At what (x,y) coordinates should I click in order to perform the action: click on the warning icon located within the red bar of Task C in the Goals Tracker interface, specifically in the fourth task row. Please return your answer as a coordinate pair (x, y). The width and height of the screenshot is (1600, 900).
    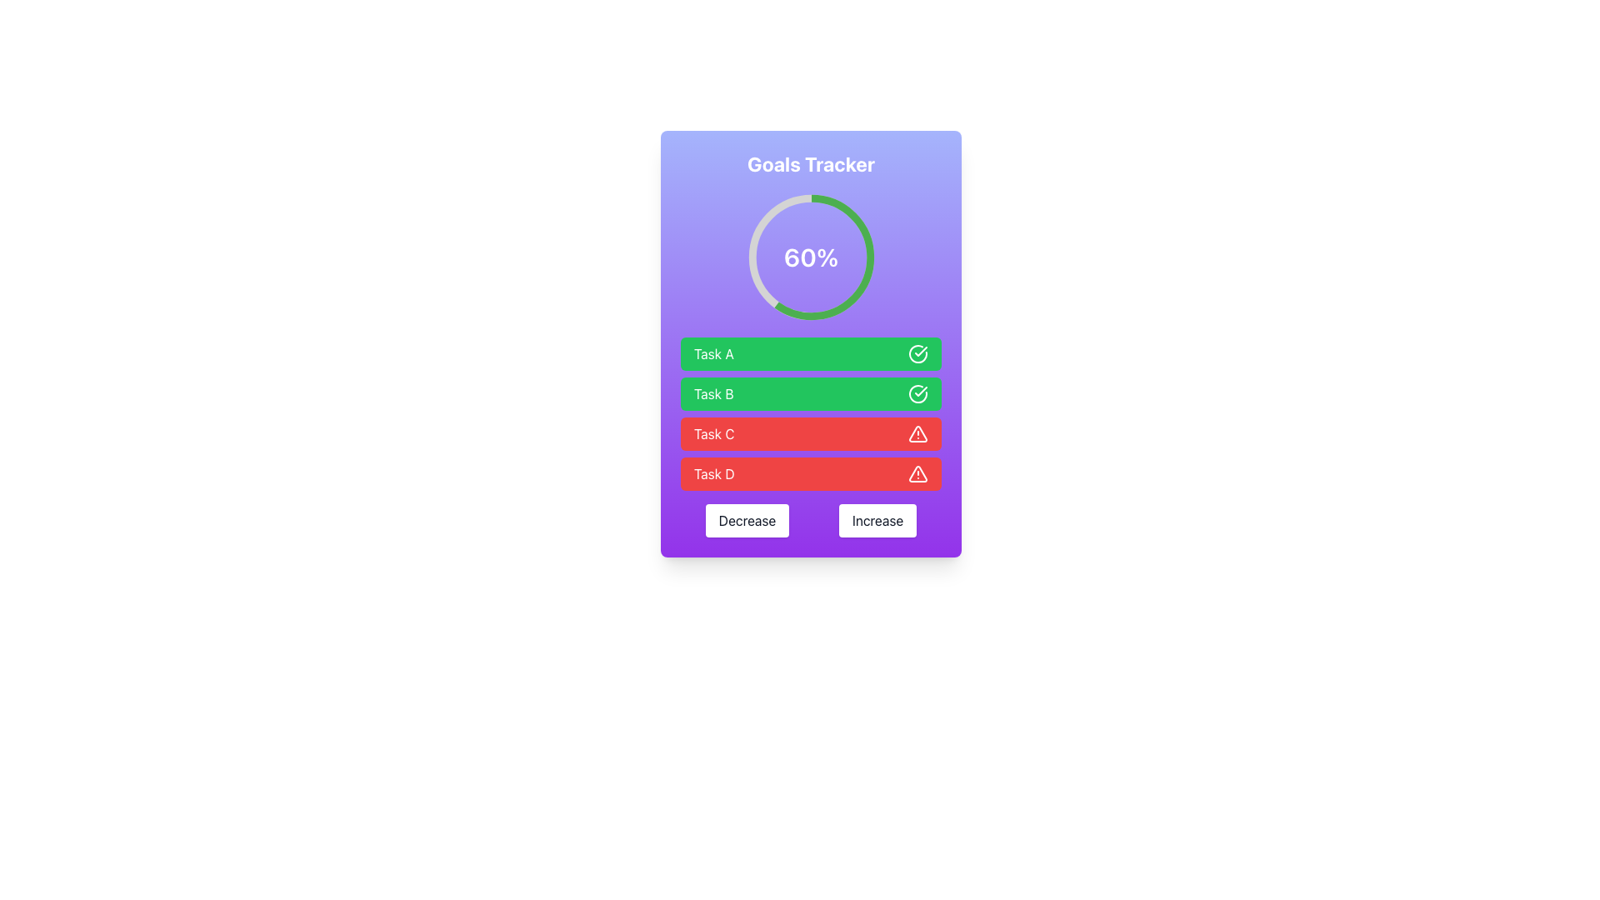
    Looking at the image, I should click on (917, 432).